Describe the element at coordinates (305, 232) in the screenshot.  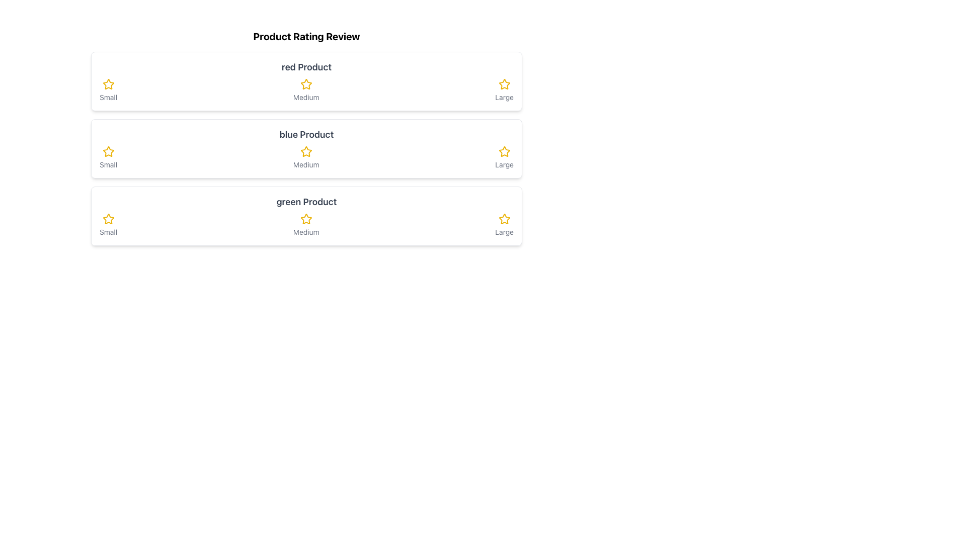
I see `the 'Medium' rating label located centrally under the yellow star icon in the third row below the 'green Product' header` at that location.